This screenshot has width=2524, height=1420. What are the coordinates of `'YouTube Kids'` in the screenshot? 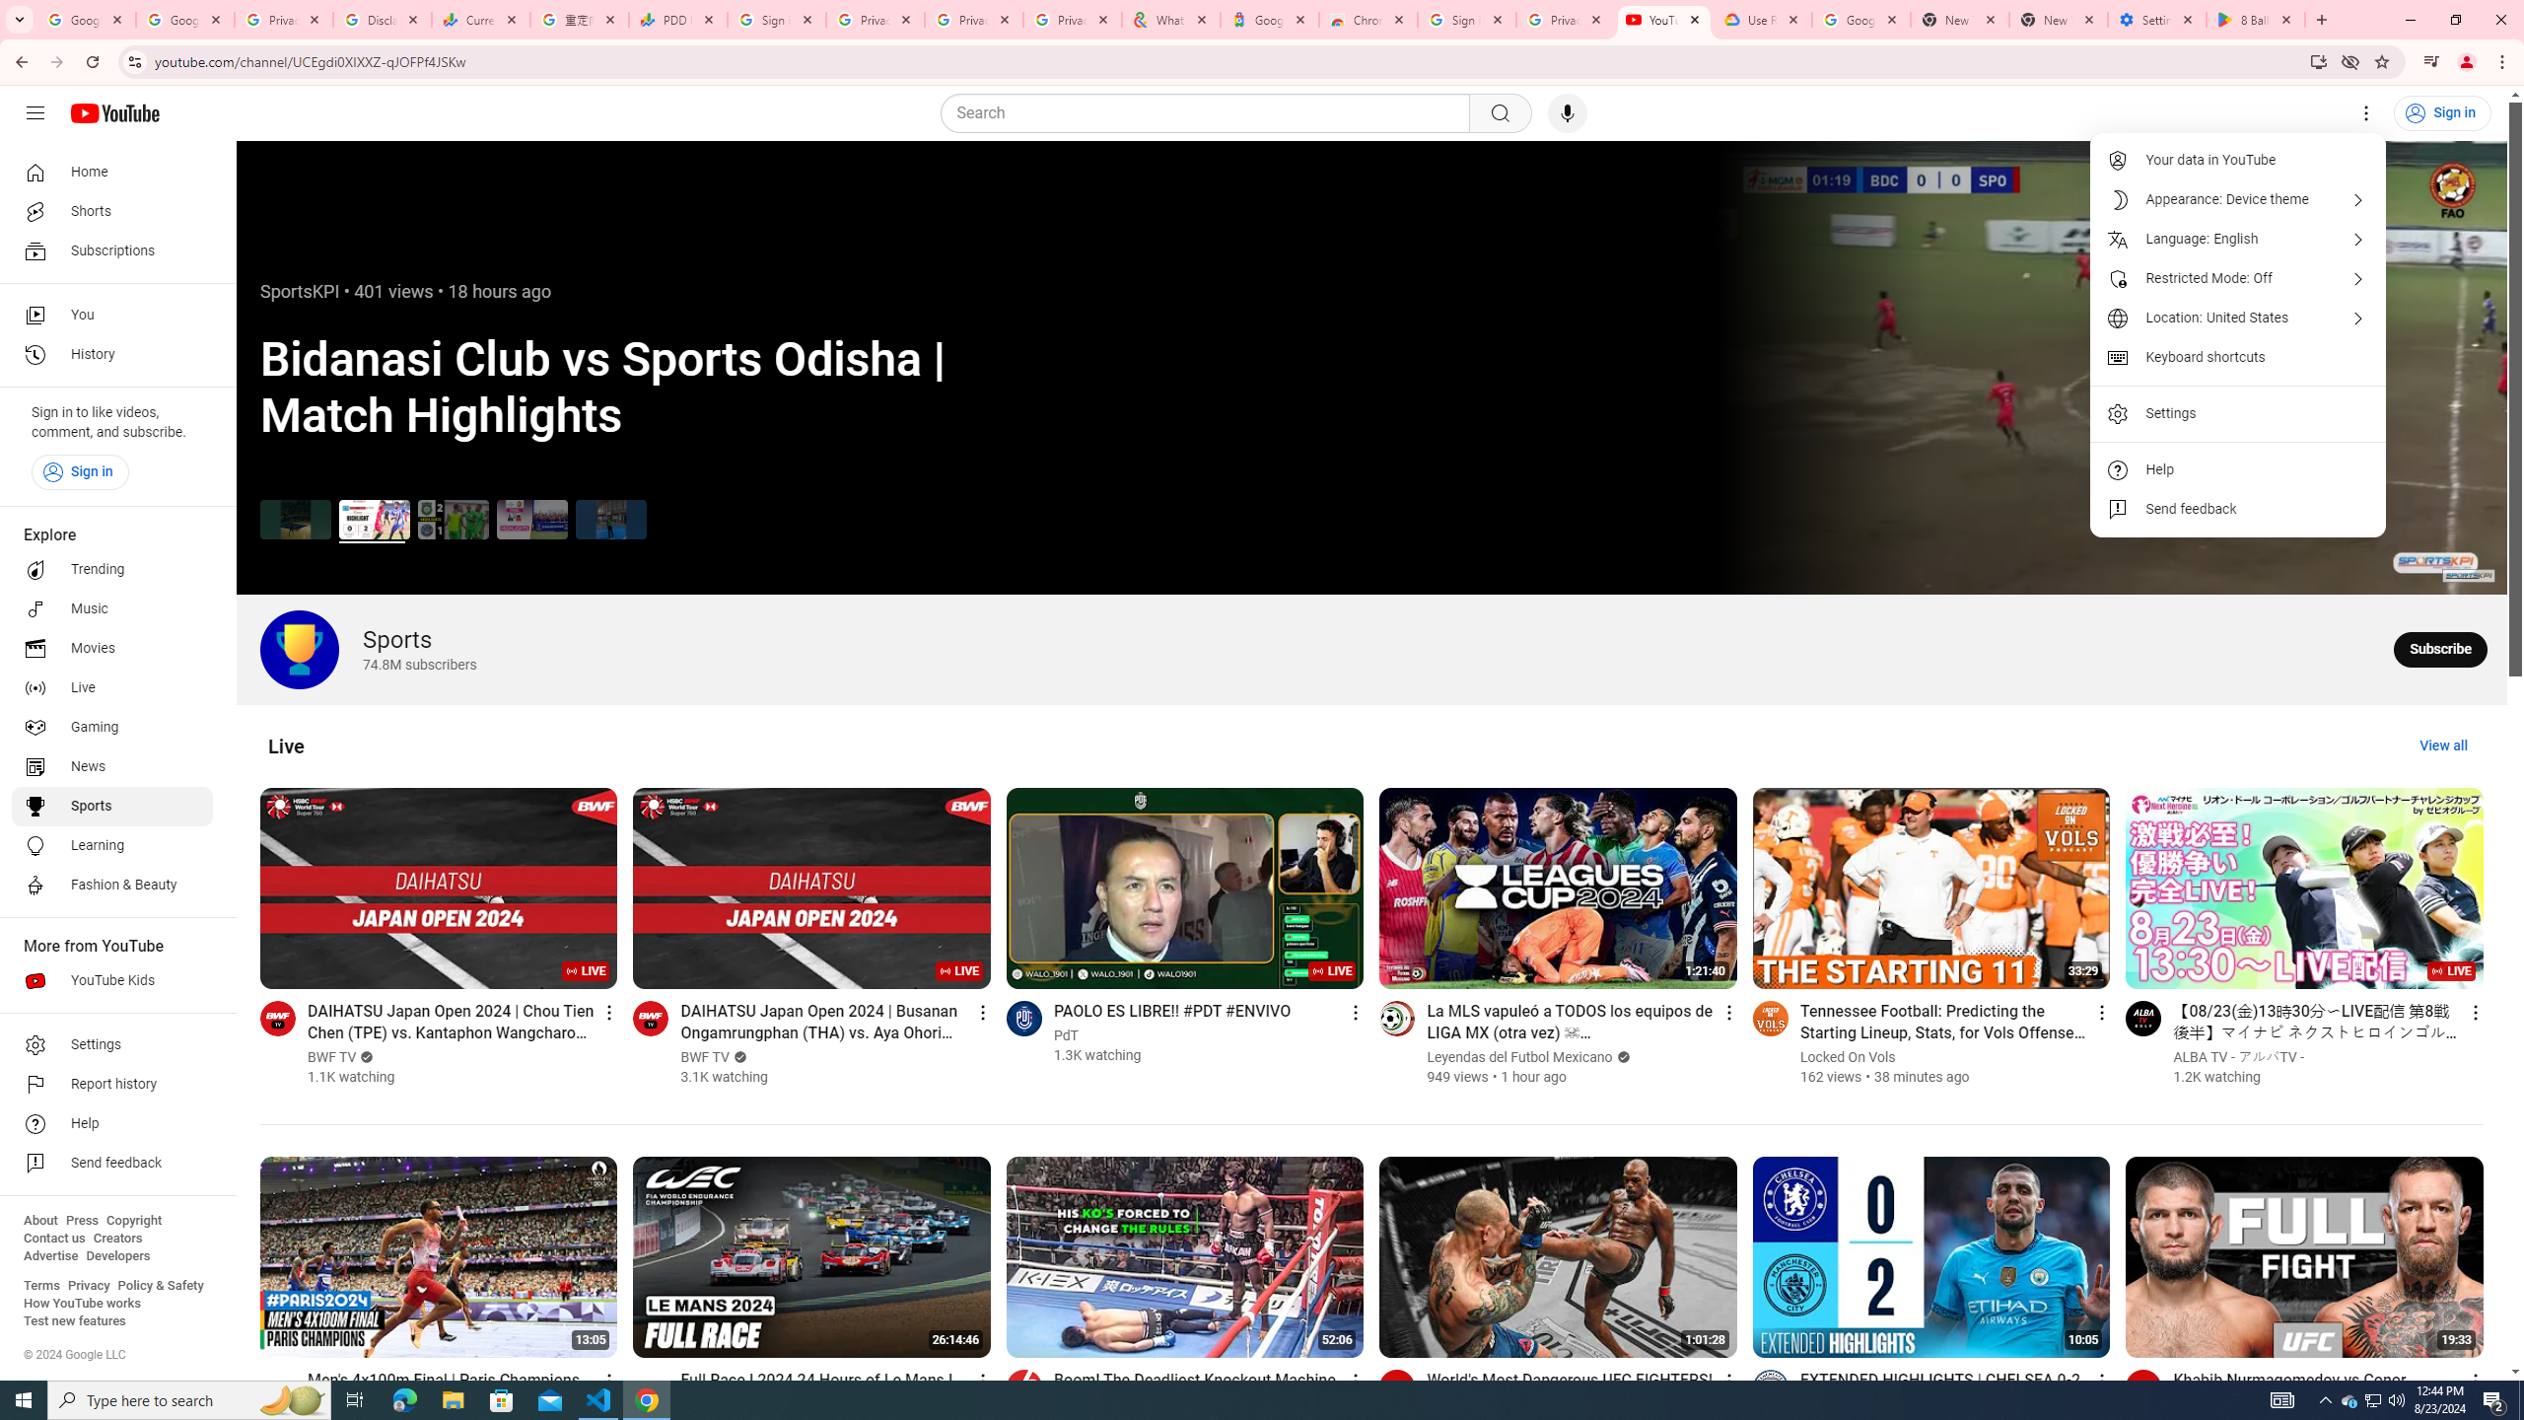 It's located at (111, 981).